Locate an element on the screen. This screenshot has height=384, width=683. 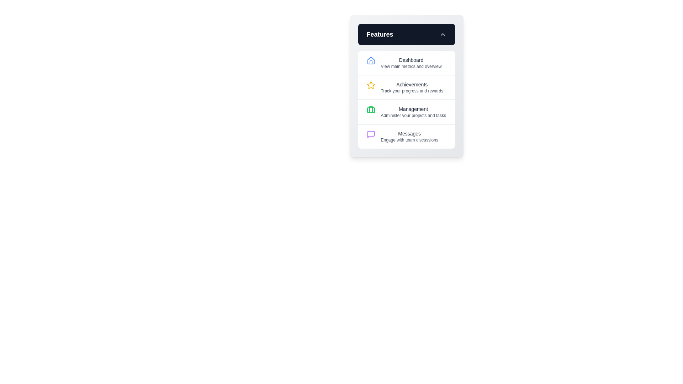
the 'Achievements' interactive text label located in the sidebar, which is the second item in the vertical list of menu entries is located at coordinates (412, 87).